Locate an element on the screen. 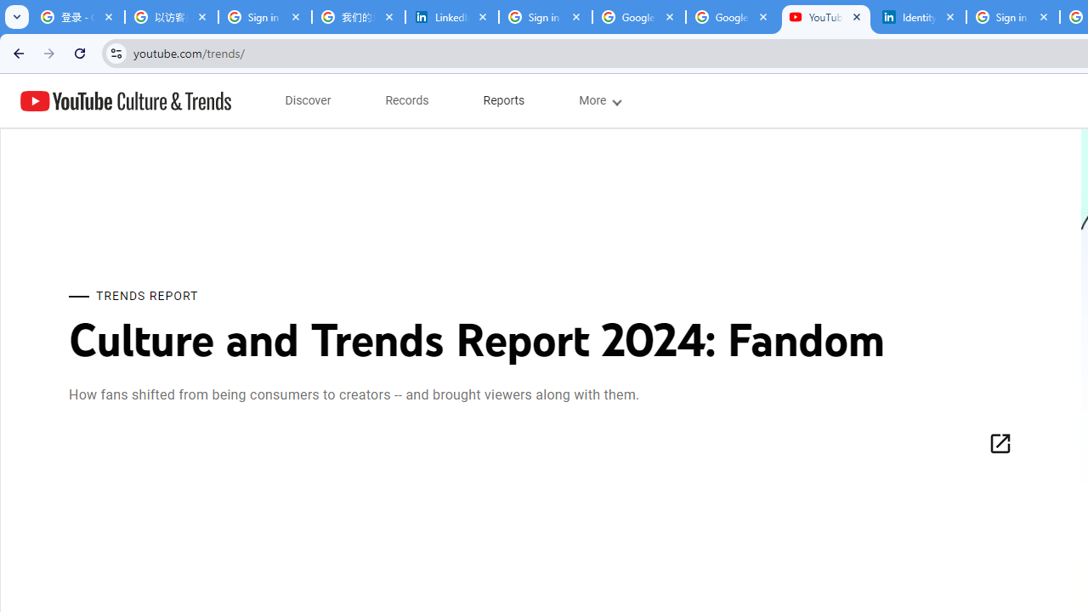 This screenshot has height=612, width=1088. 'subnav-Reports menupopup' is located at coordinates (503, 100).